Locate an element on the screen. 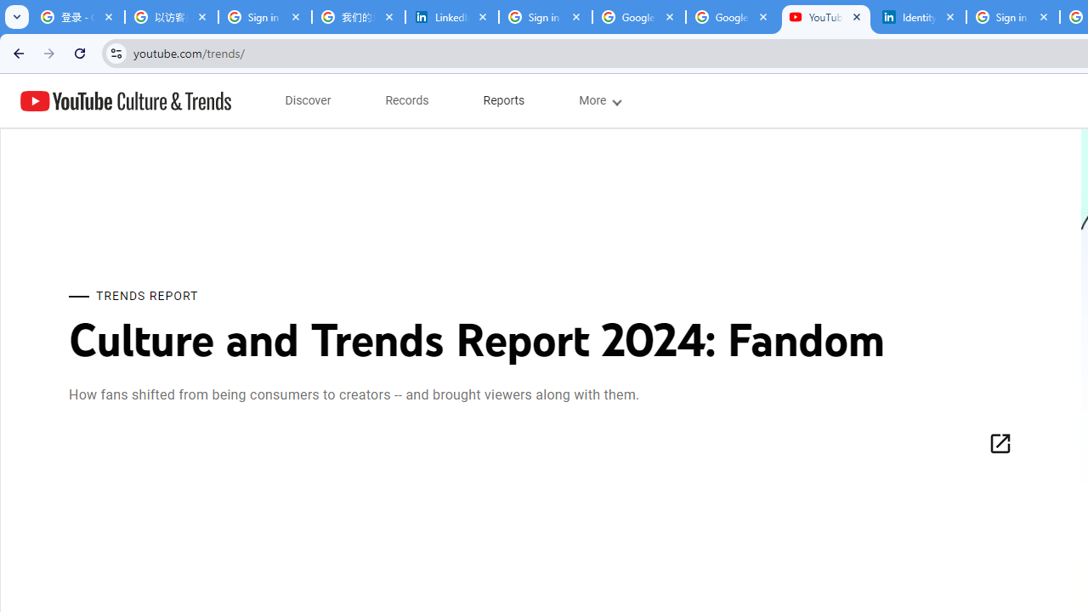 This screenshot has height=612, width=1088. 'subnav-Reports menupopup' is located at coordinates (503, 100).